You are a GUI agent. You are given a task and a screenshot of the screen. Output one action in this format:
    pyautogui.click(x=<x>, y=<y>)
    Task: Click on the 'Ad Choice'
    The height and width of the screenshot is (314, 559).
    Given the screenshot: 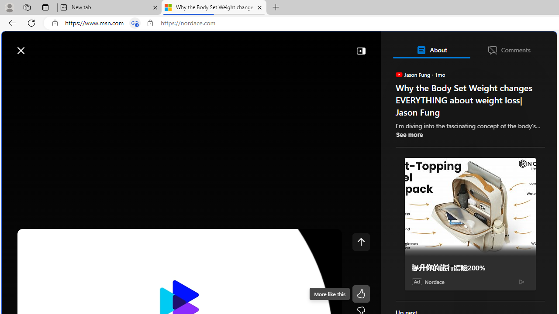 What is the action you would take?
    pyautogui.click(x=521, y=281)
    